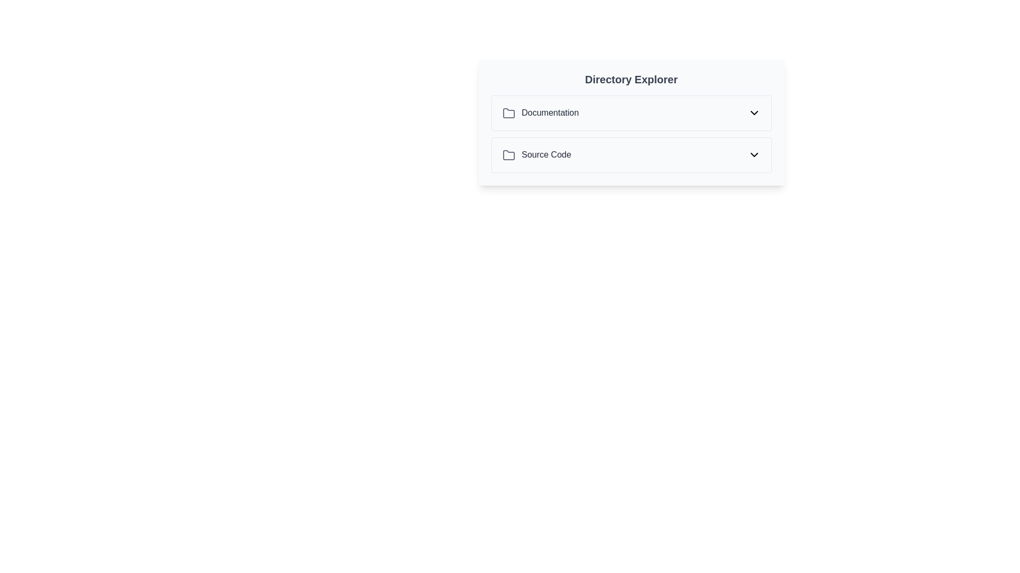  Describe the element at coordinates (508, 113) in the screenshot. I see `the documentation folder icon located to the left of the 'Documentation' text in the Directory Explorer interface` at that location.